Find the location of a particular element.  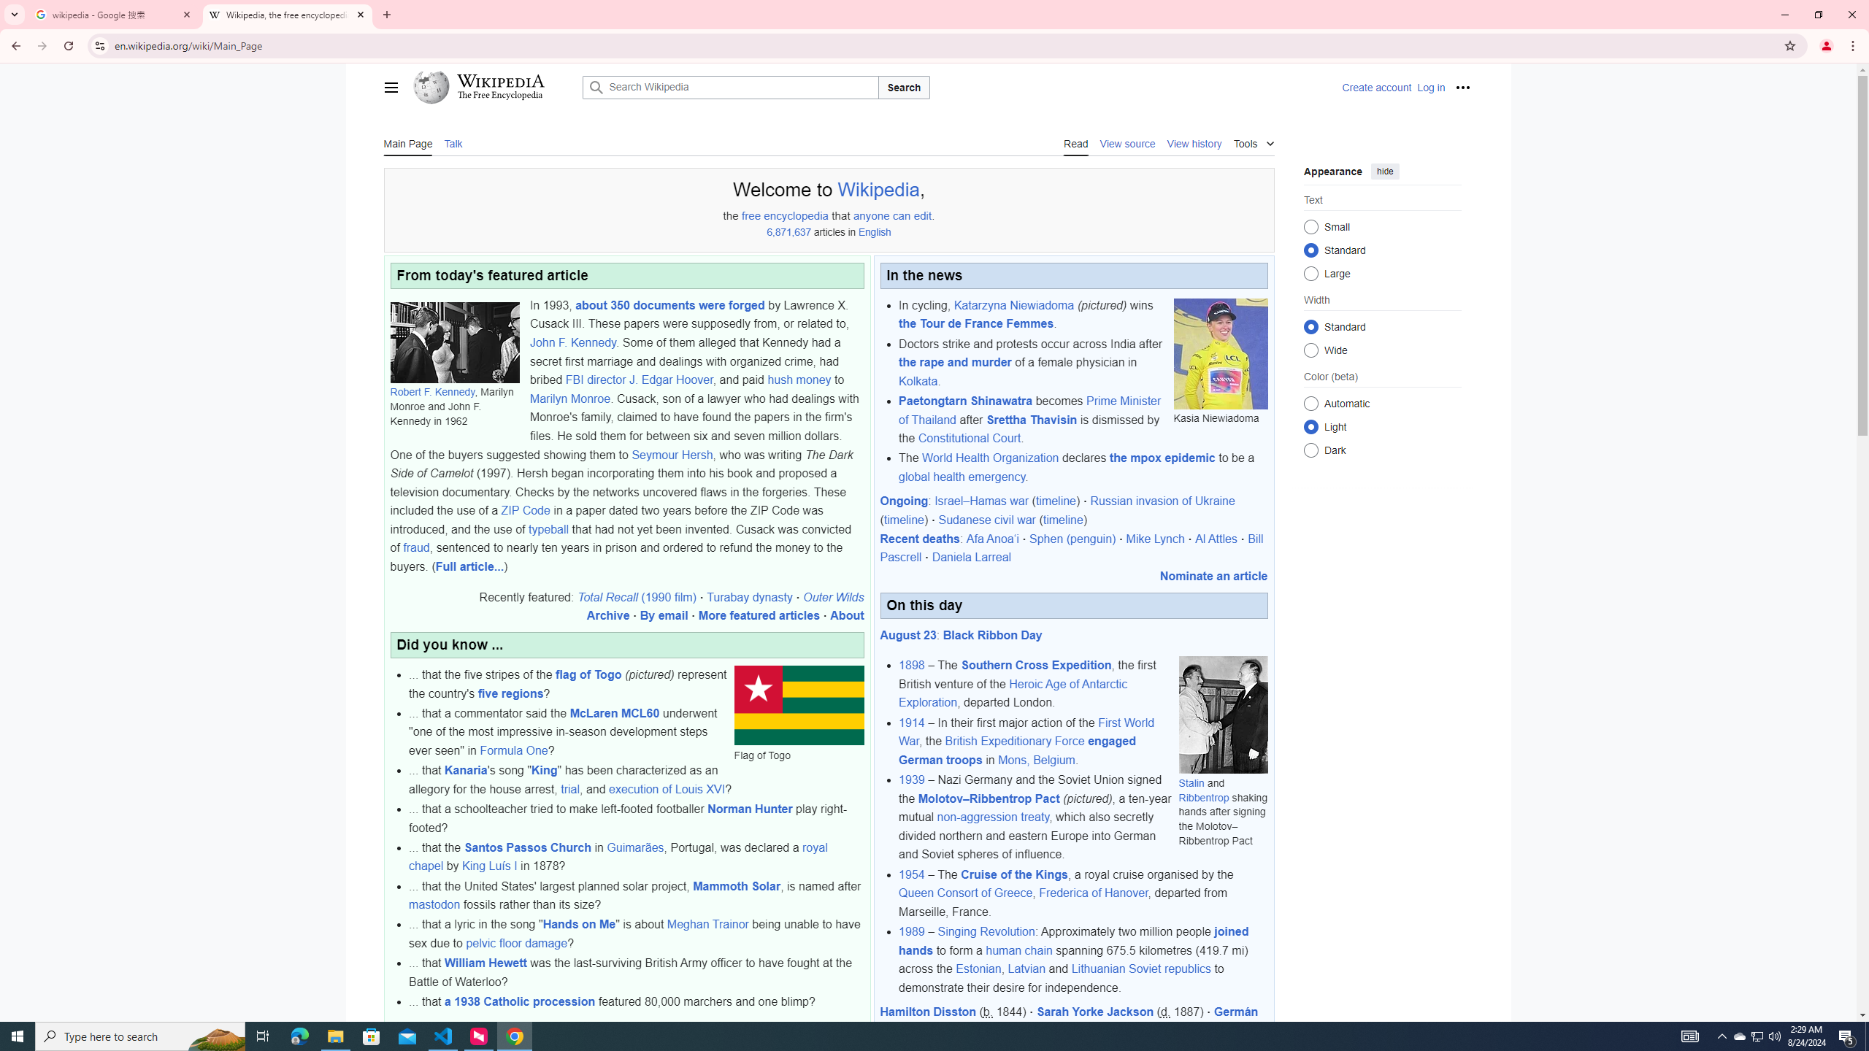

'Meghan Trainor' is located at coordinates (708, 925).